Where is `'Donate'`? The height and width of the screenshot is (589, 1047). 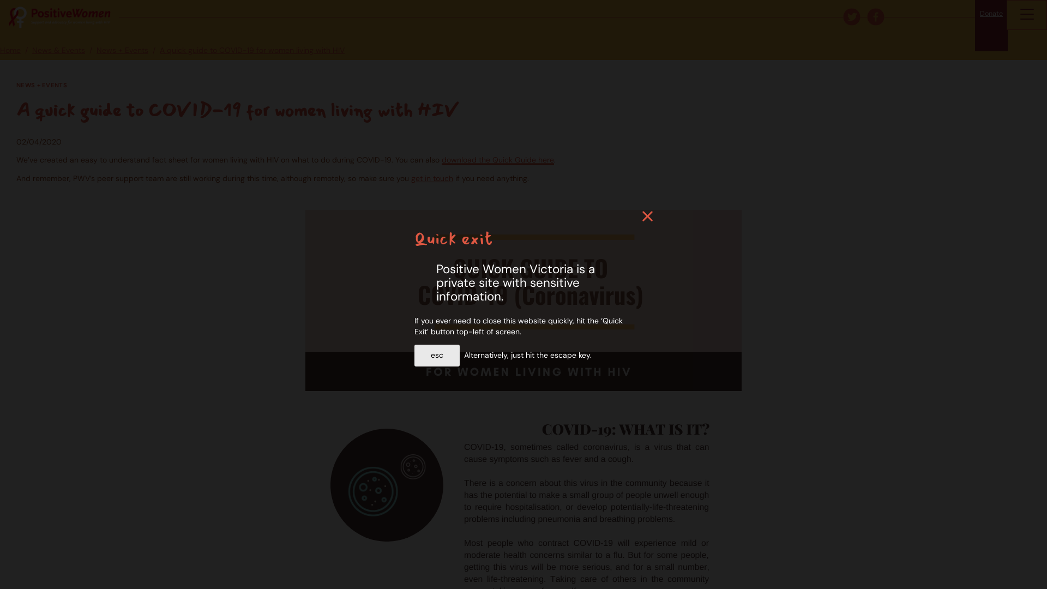
'Donate' is located at coordinates (991, 25).